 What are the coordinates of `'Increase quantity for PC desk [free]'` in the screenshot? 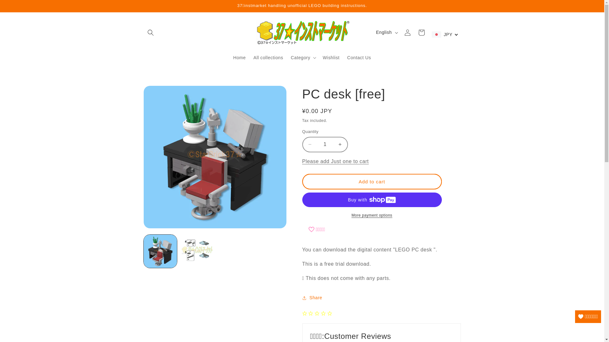 It's located at (340, 144).